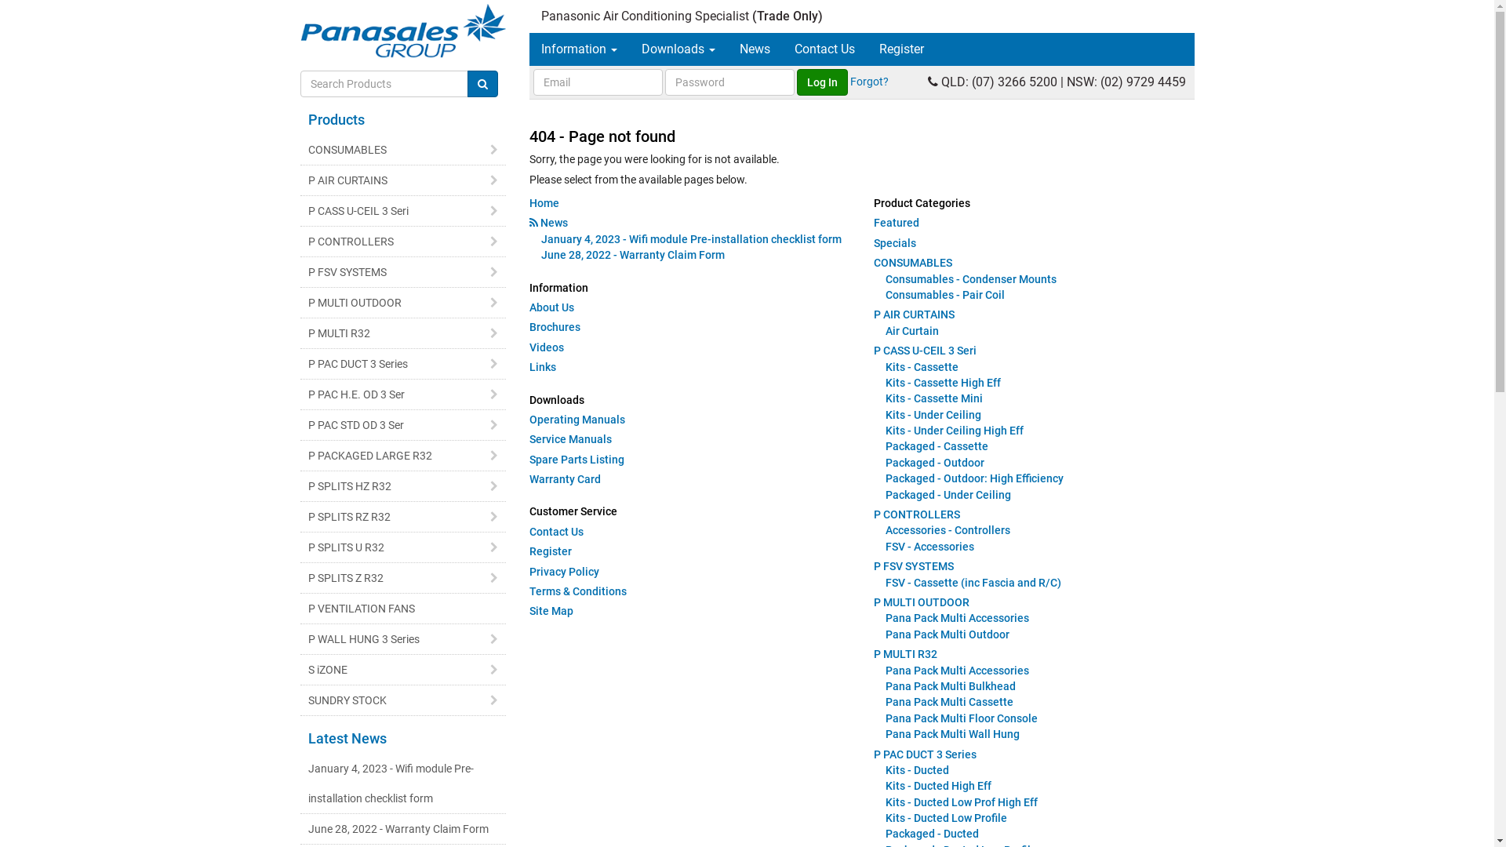 This screenshot has width=1506, height=847. What do you see at coordinates (998, 82) in the screenshot?
I see `'QLD: (07) 3266 5200'` at bounding box center [998, 82].